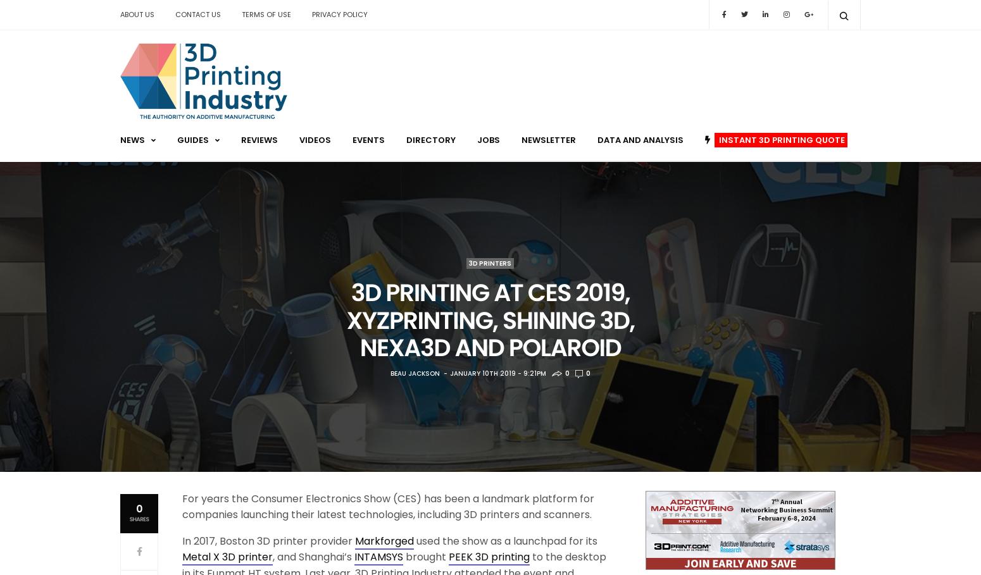 This screenshot has height=575, width=981. What do you see at coordinates (368, 139) in the screenshot?
I see `'Events'` at bounding box center [368, 139].